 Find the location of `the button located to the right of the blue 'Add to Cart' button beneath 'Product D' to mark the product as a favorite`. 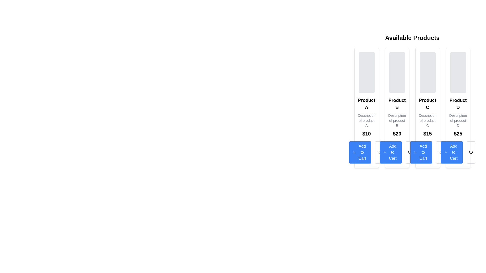

the button located to the right of the blue 'Add to Cart' button beneath 'Product D' to mark the product as a favorite is located at coordinates (471, 152).